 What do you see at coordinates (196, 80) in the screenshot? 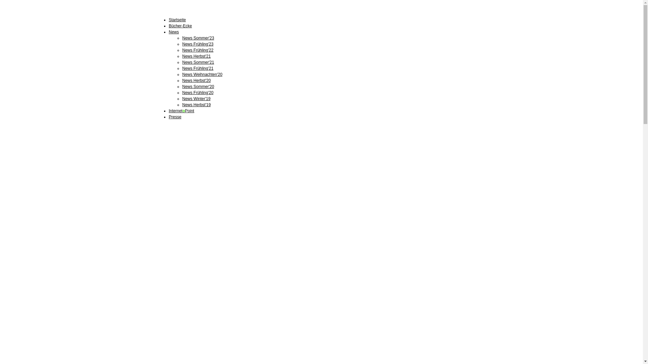
I see `'News Herbst'20'` at bounding box center [196, 80].